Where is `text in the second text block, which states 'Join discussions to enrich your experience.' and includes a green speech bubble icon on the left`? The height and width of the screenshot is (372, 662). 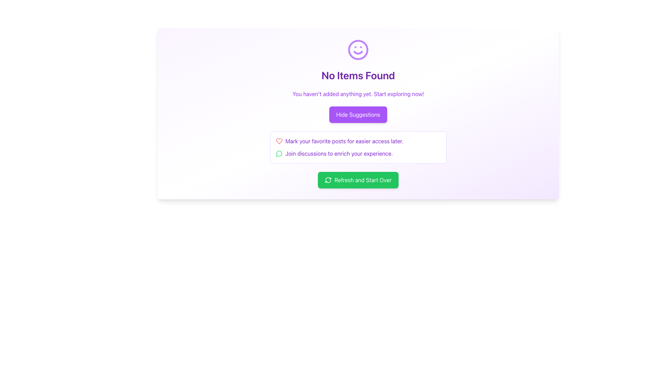
text in the second text block, which states 'Join discussions to enrich your experience.' and includes a green speech bubble icon on the left is located at coordinates (358, 153).